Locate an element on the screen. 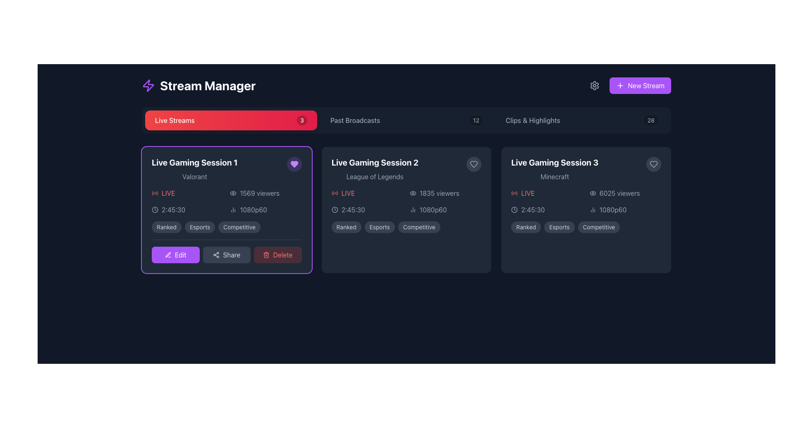  the 'LIVE' text label, which is styled in red color and indicates an active status, located within the 'Live Gaming Session 2' card is located at coordinates (348, 193).